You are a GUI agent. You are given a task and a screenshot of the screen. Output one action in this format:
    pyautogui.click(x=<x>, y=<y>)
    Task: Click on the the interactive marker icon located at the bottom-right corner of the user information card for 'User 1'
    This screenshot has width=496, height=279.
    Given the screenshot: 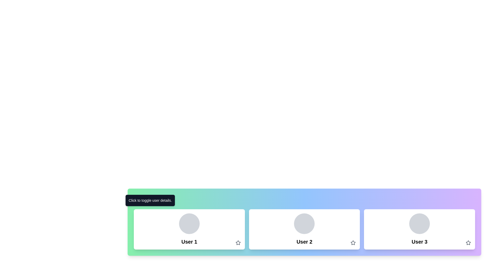 What is the action you would take?
    pyautogui.click(x=238, y=243)
    